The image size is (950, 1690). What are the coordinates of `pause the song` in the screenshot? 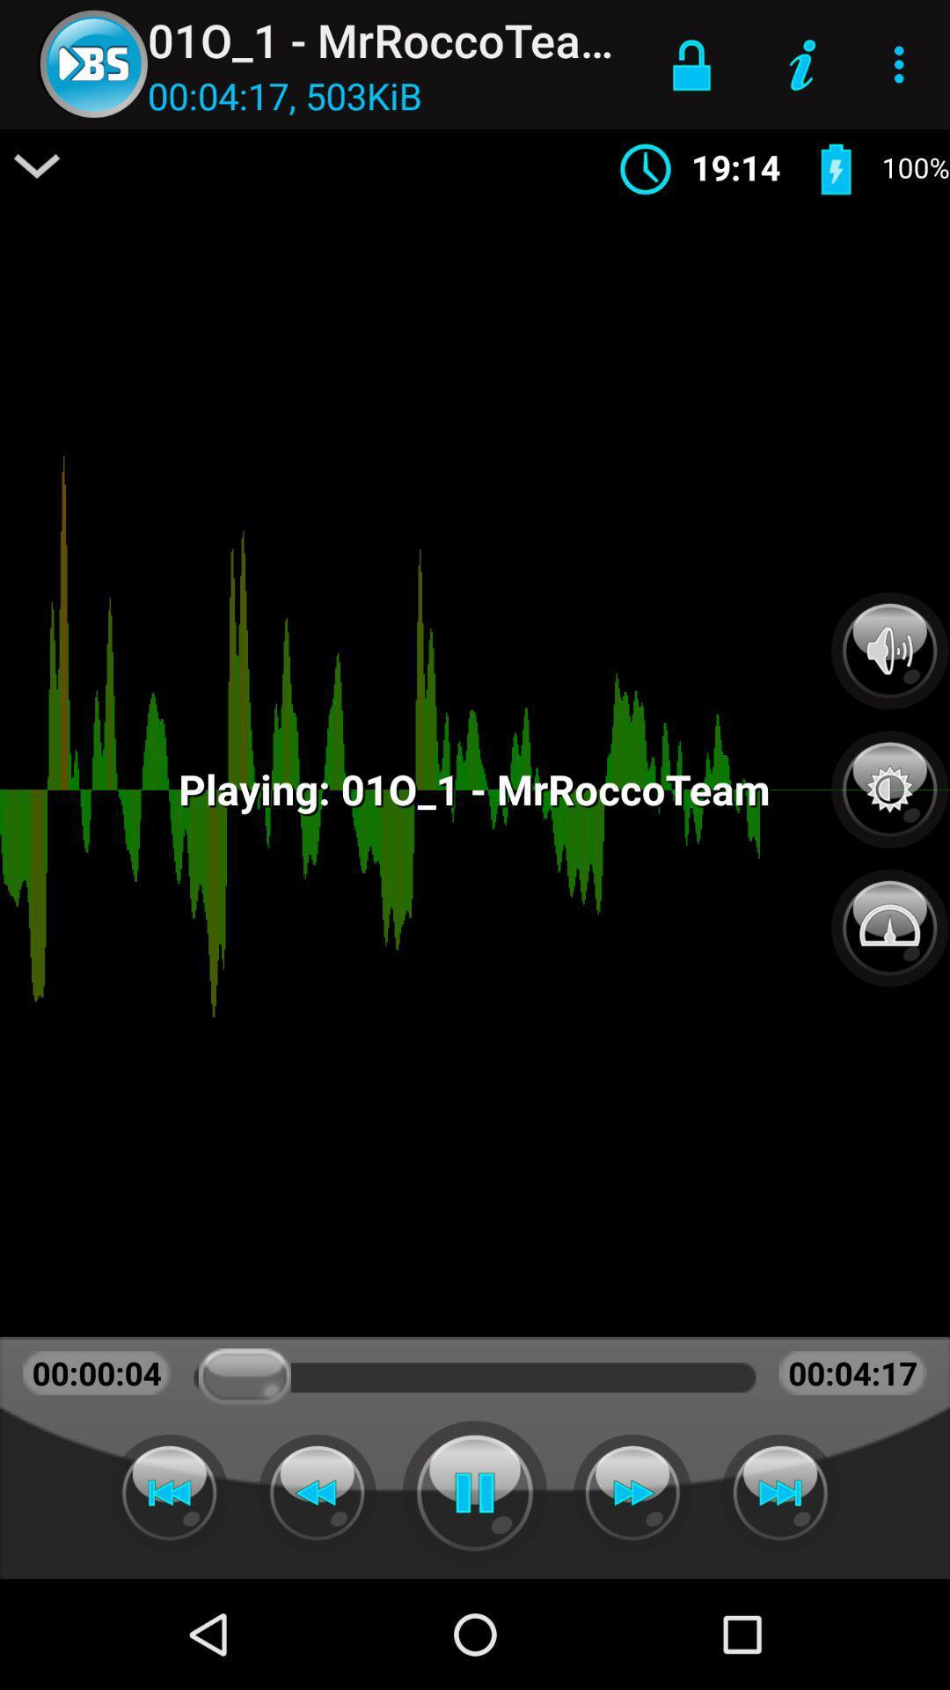 It's located at (475, 1492).